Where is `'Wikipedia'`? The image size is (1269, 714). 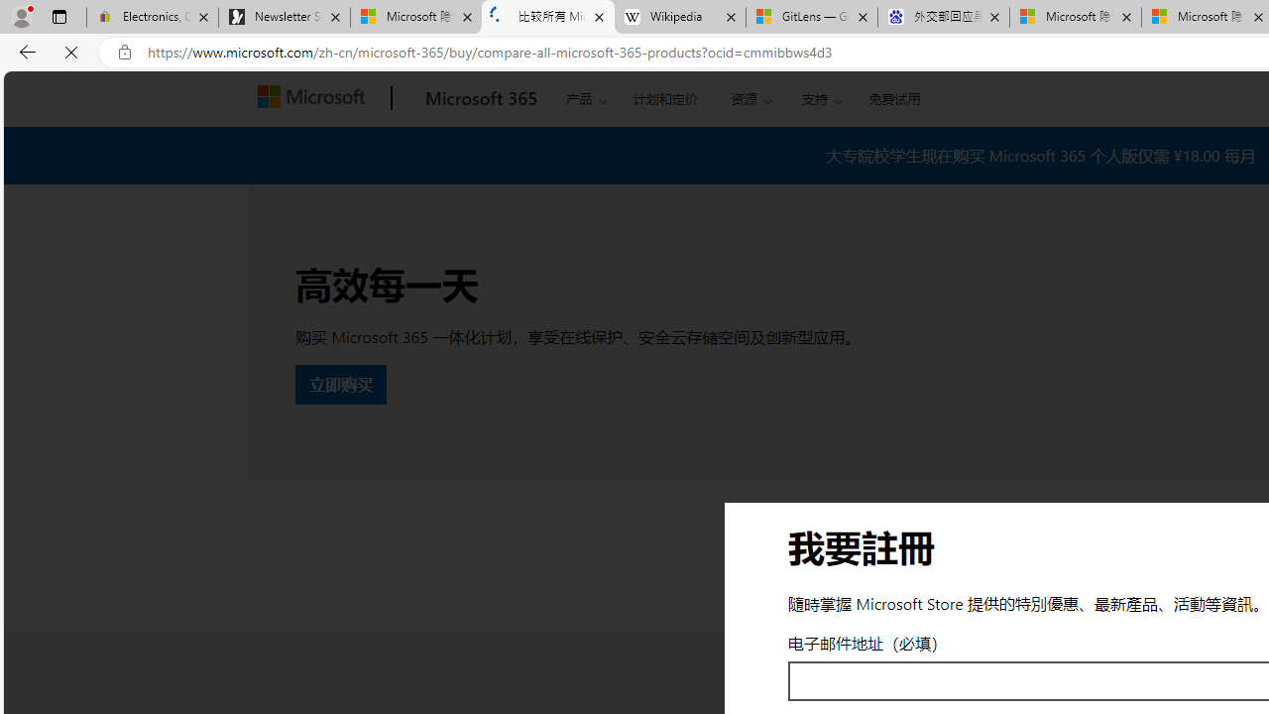
'Wikipedia' is located at coordinates (680, 17).